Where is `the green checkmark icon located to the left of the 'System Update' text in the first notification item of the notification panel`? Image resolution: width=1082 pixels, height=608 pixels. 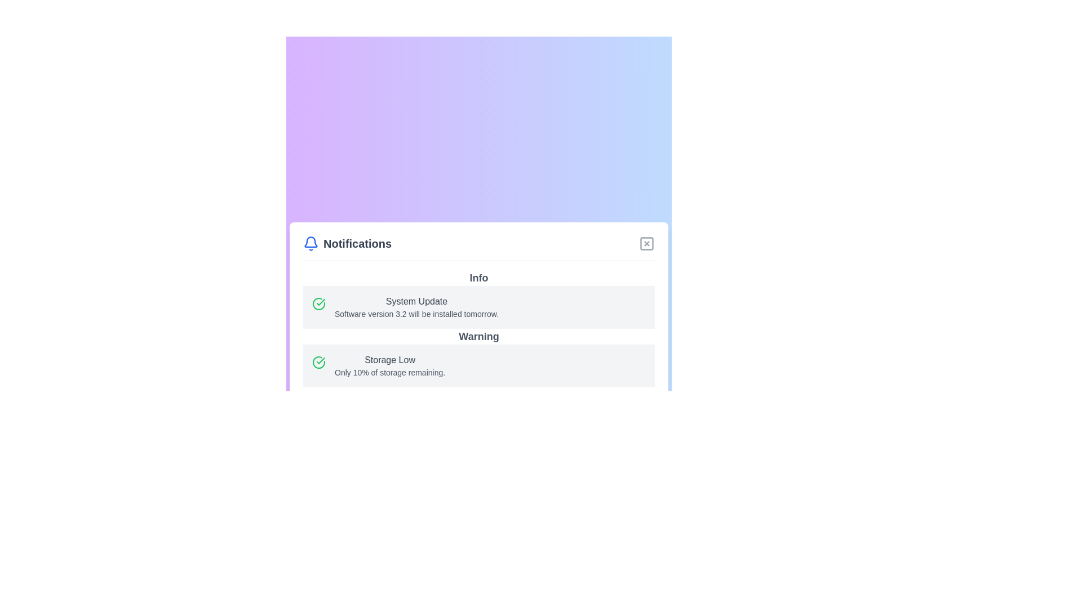 the green checkmark icon located to the left of the 'System Update' text in the first notification item of the notification panel is located at coordinates (320, 360).